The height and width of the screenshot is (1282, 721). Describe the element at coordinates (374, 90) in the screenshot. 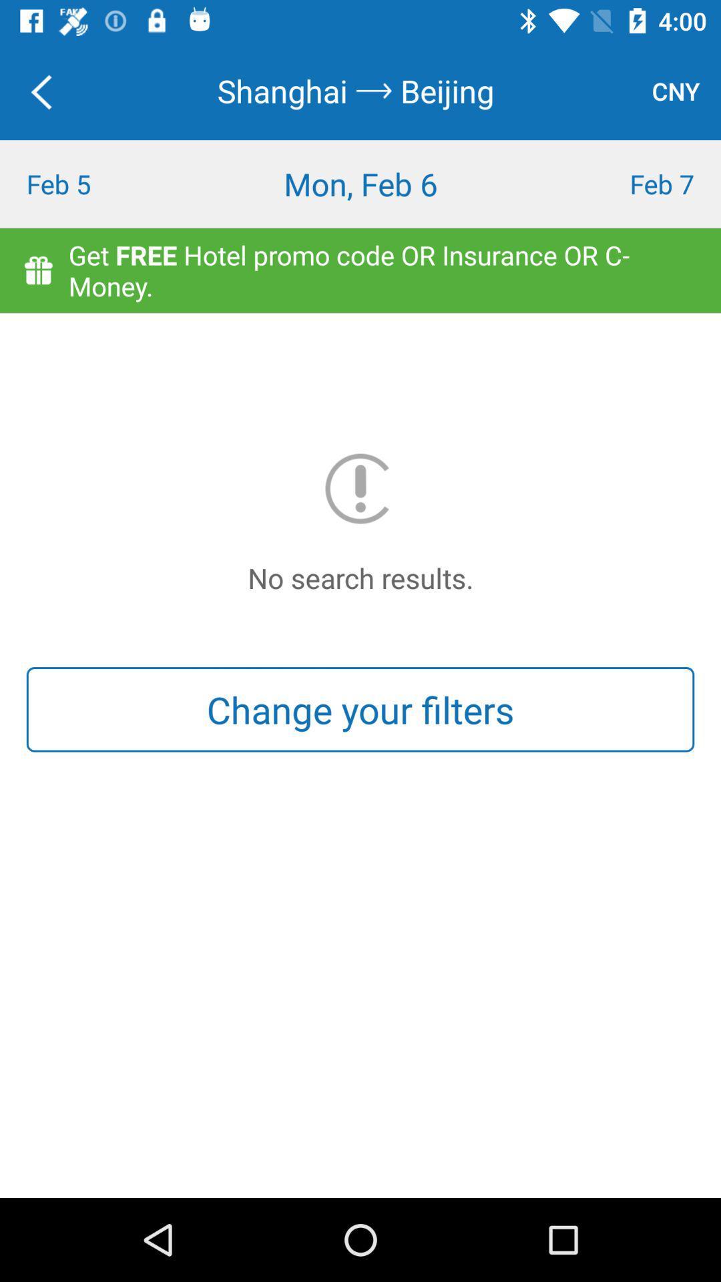

I see `the icon which is after shanghai on page` at that location.